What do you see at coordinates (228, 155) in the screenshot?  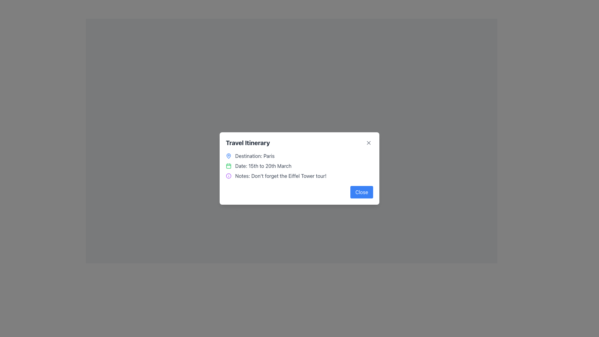 I see `the location marker icon representing the 'Destination: Paris' in the 'Travel Itinerary' dialog box` at bounding box center [228, 155].